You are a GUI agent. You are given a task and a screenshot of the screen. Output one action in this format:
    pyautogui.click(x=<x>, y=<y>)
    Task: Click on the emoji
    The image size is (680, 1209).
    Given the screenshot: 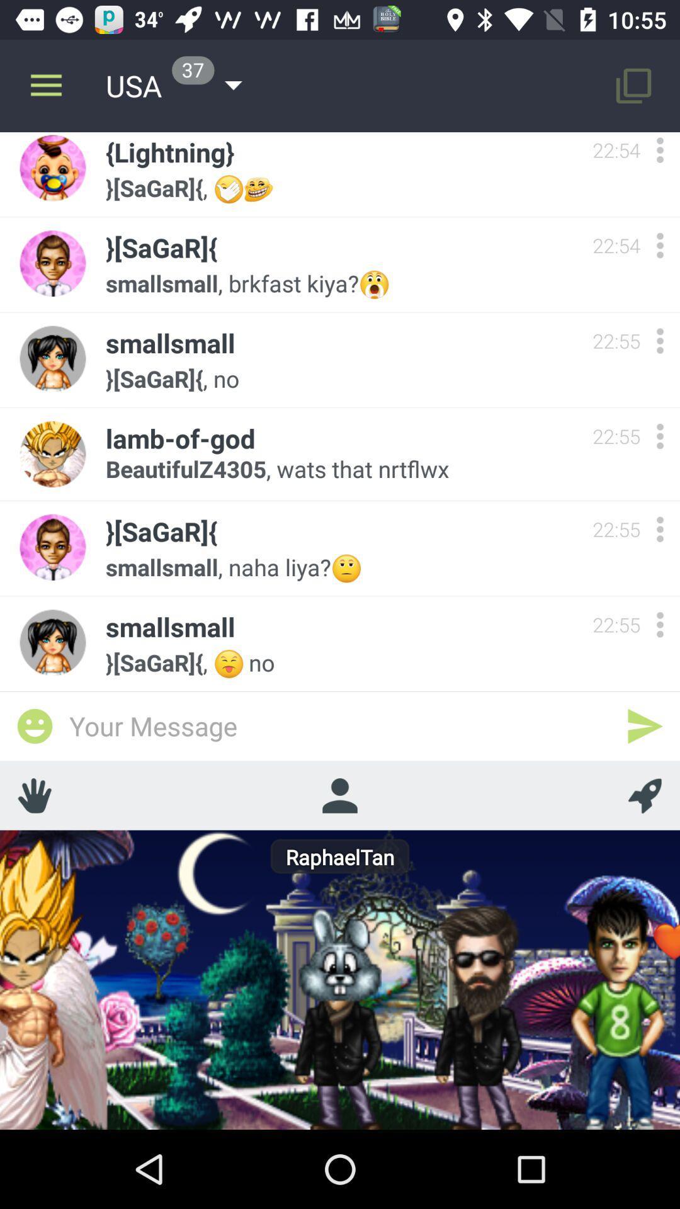 What is the action you would take?
    pyautogui.click(x=34, y=726)
    